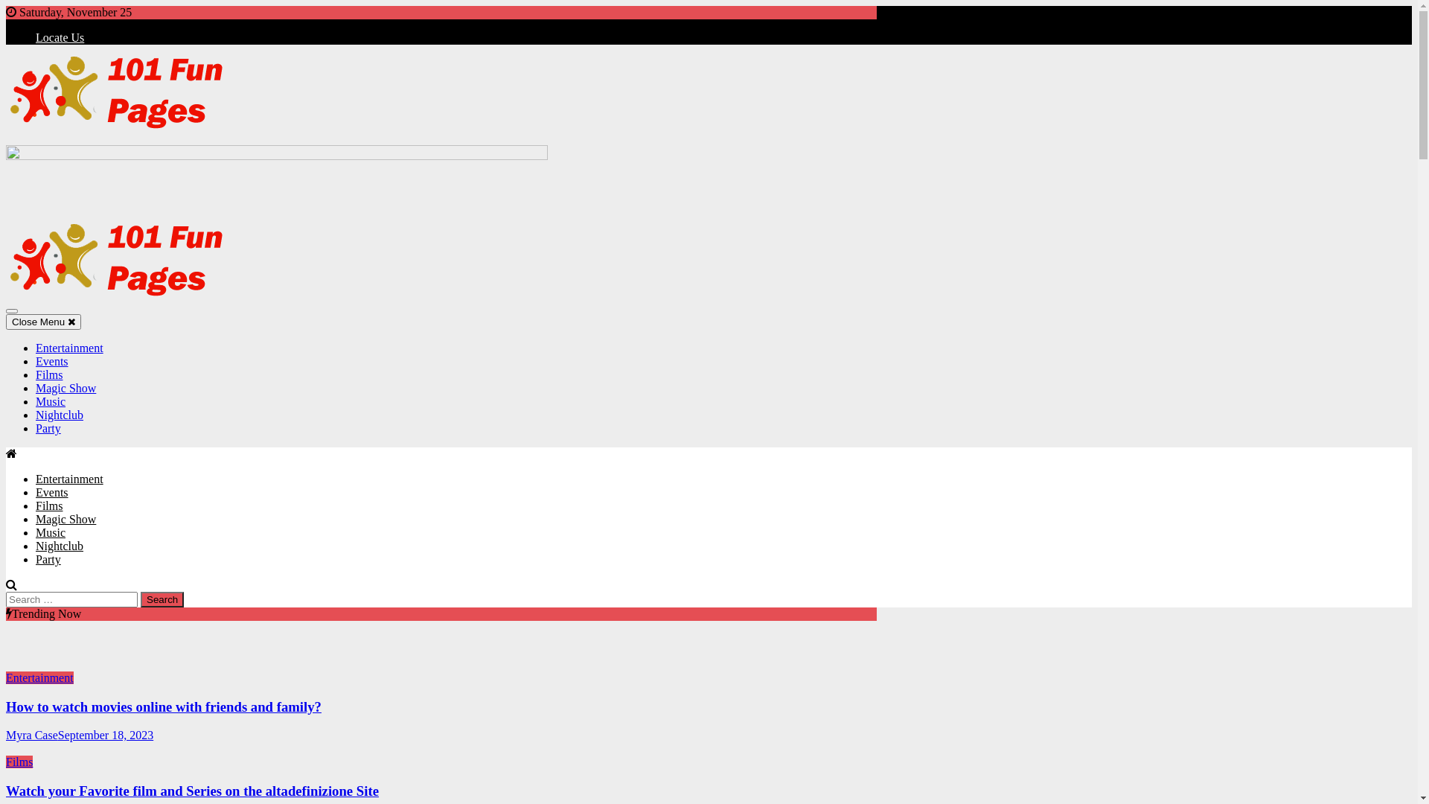 The height and width of the screenshot is (804, 1429). What do you see at coordinates (50, 532) in the screenshot?
I see `'Music'` at bounding box center [50, 532].